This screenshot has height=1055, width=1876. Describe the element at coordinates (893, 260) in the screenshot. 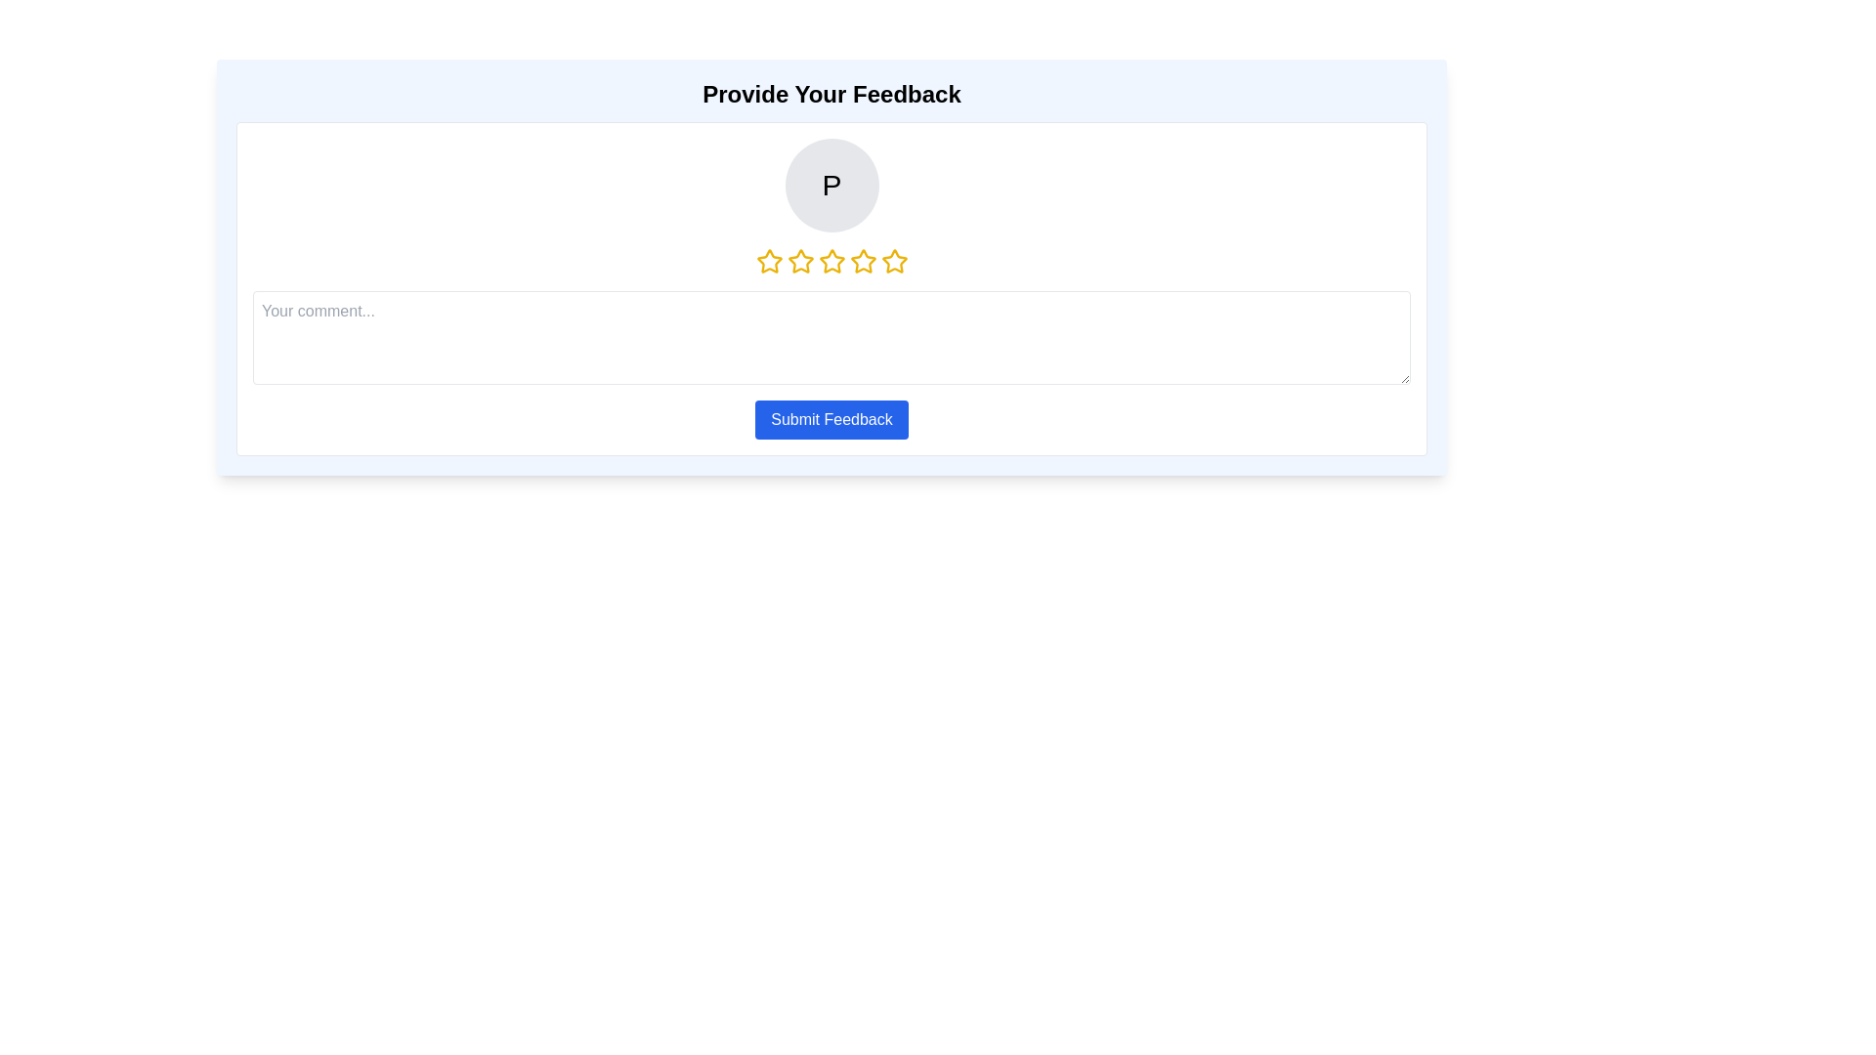

I see `the star corresponding to 5 stars to set the rating` at that location.